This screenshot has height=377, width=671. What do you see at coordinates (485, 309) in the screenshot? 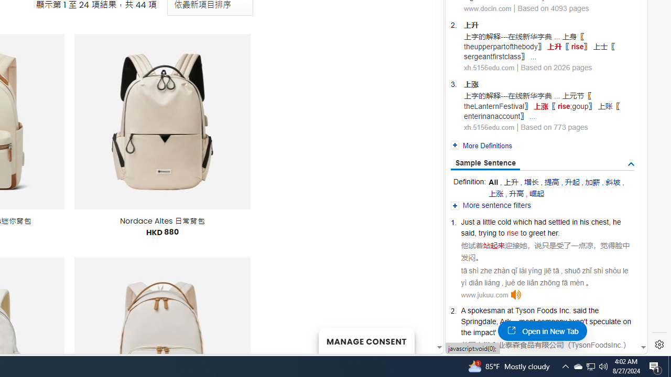
I see `'spokesman'` at bounding box center [485, 309].